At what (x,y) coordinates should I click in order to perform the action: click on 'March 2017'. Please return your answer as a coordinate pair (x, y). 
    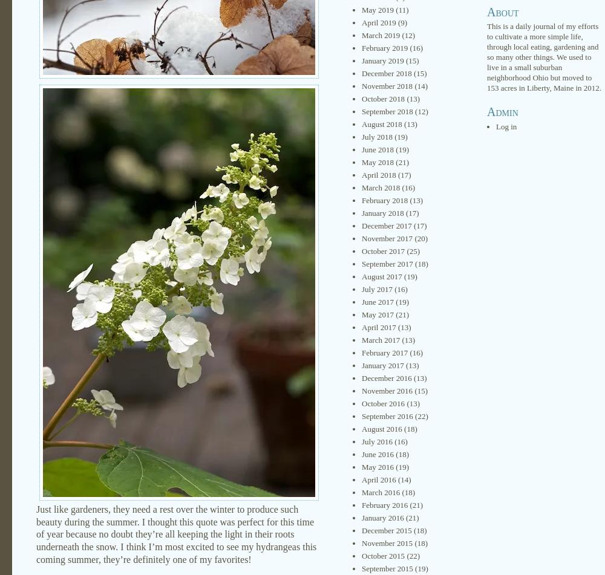
    Looking at the image, I should click on (381, 339).